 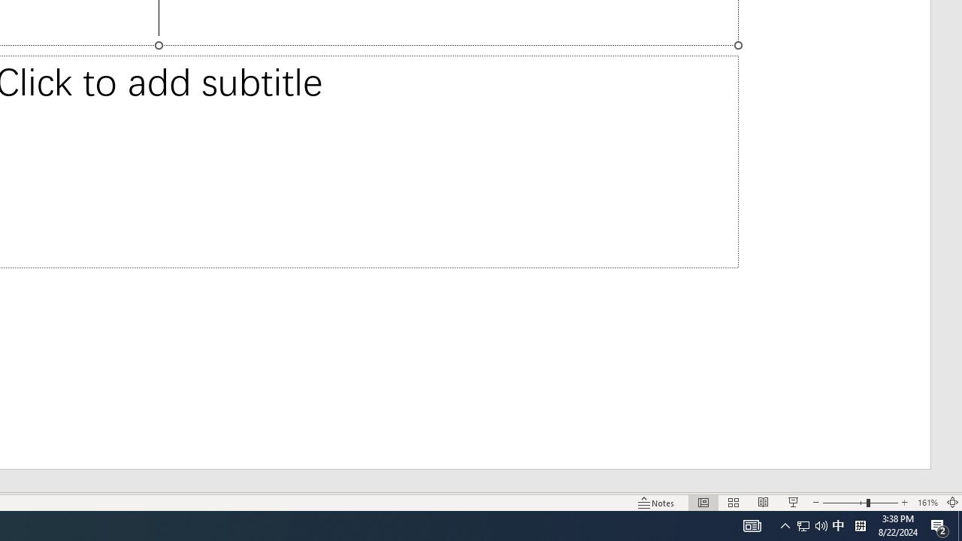 What do you see at coordinates (927, 503) in the screenshot?
I see `'Zoom 161%'` at bounding box center [927, 503].